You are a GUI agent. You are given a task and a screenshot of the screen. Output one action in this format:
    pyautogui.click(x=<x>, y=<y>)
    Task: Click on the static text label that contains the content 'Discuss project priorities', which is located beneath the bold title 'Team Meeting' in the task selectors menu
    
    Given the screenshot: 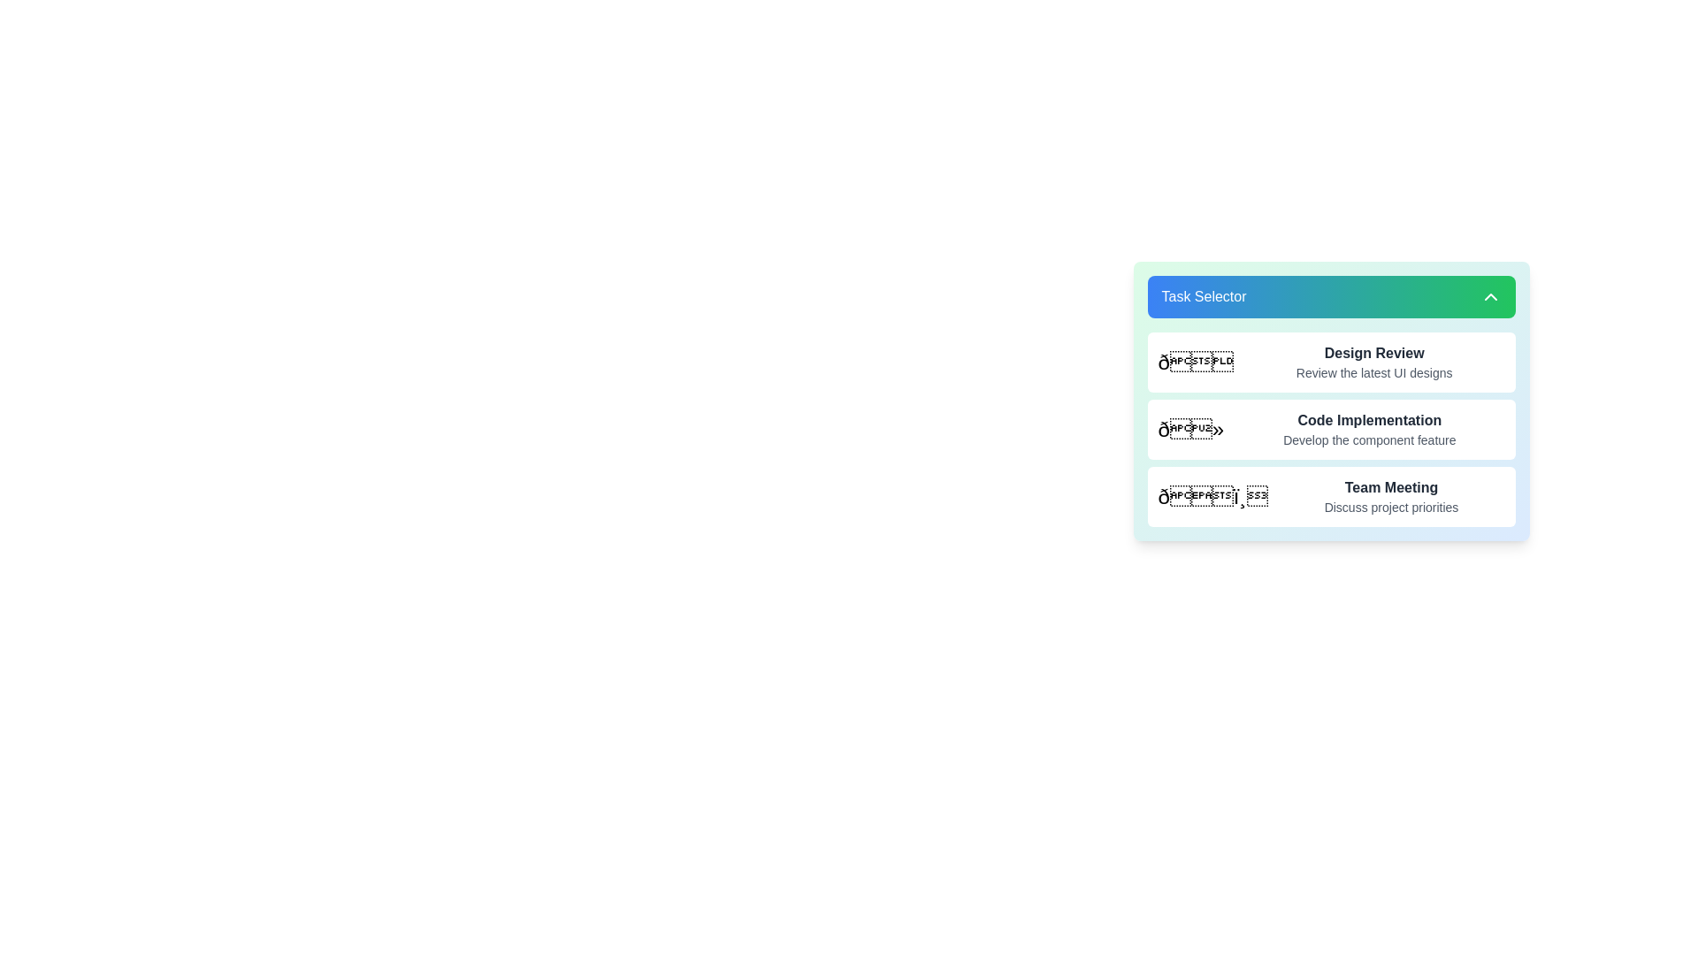 What is the action you would take?
    pyautogui.click(x=1390, y=508)
    